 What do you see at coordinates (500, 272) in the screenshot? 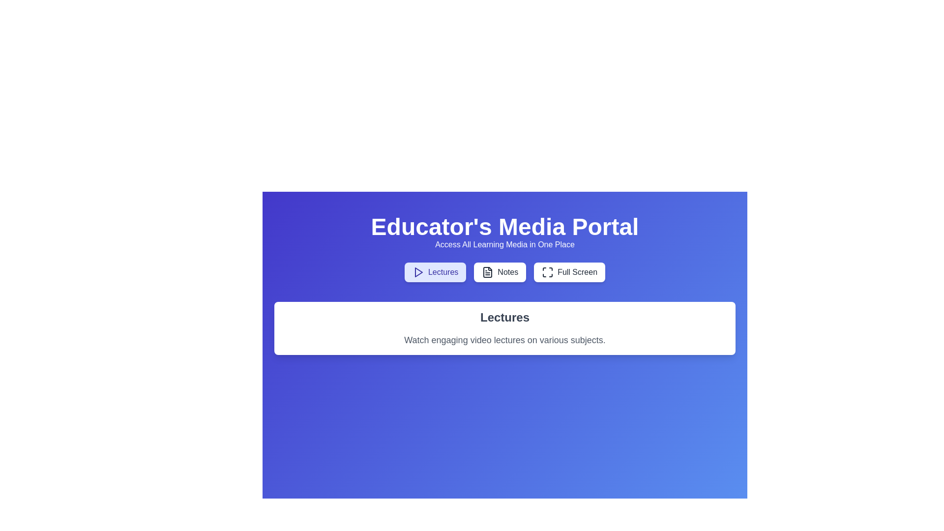
I see `the button labeled Notes to observe its hover effect` at bounding box center [500, 272].